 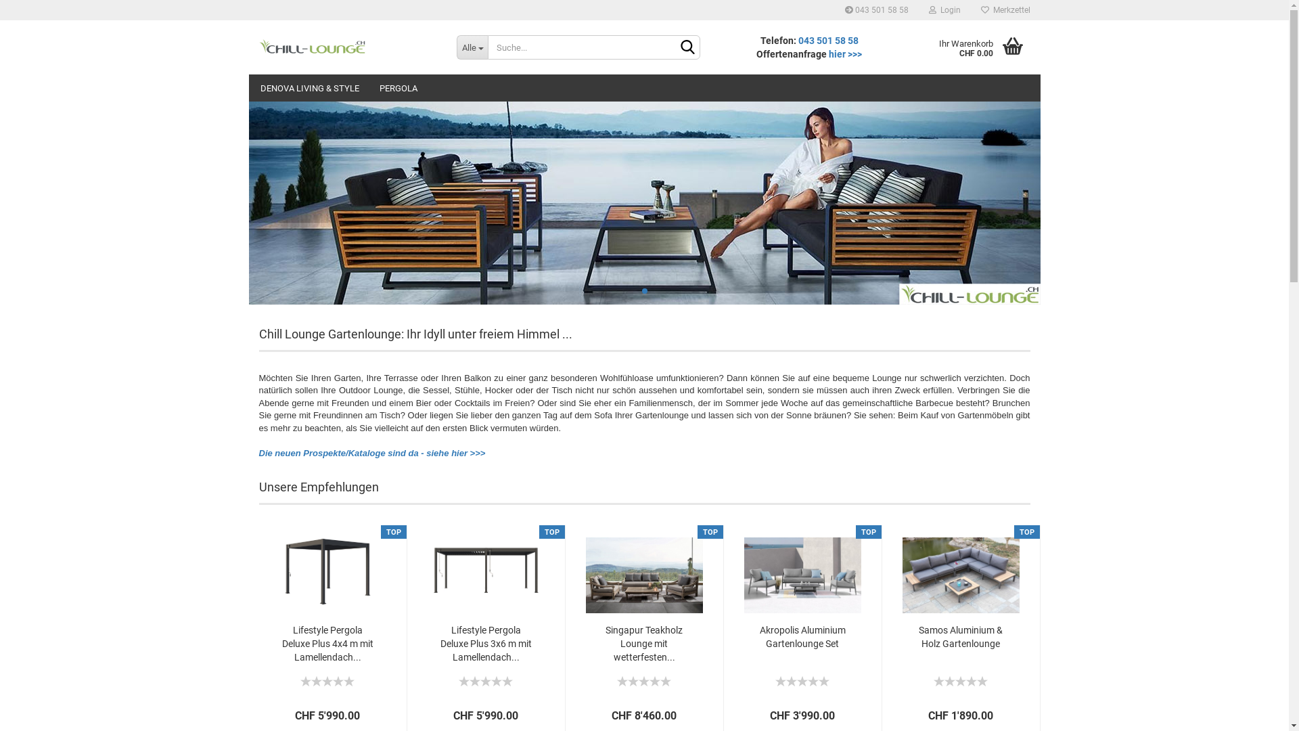 I want to click on 'Akropolis Aluminium Gartenlounge Set', so click(x=802, y=569).